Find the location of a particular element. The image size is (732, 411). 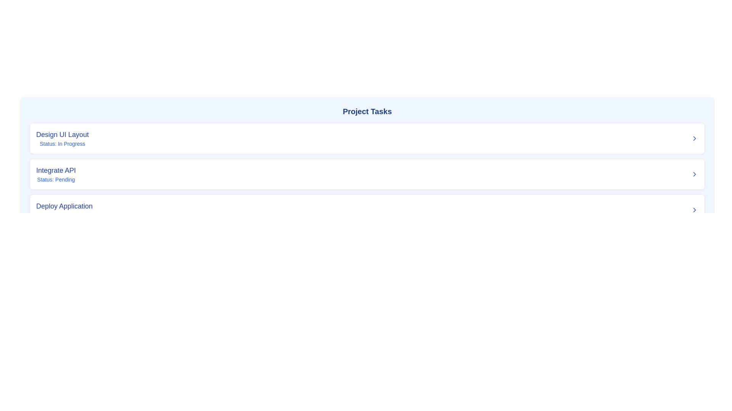

the static text label displaying 'Design UI Layout', which is a bold, large, blue title positioned at the top-left corner of the task list section is located at coordinates (62, 134).